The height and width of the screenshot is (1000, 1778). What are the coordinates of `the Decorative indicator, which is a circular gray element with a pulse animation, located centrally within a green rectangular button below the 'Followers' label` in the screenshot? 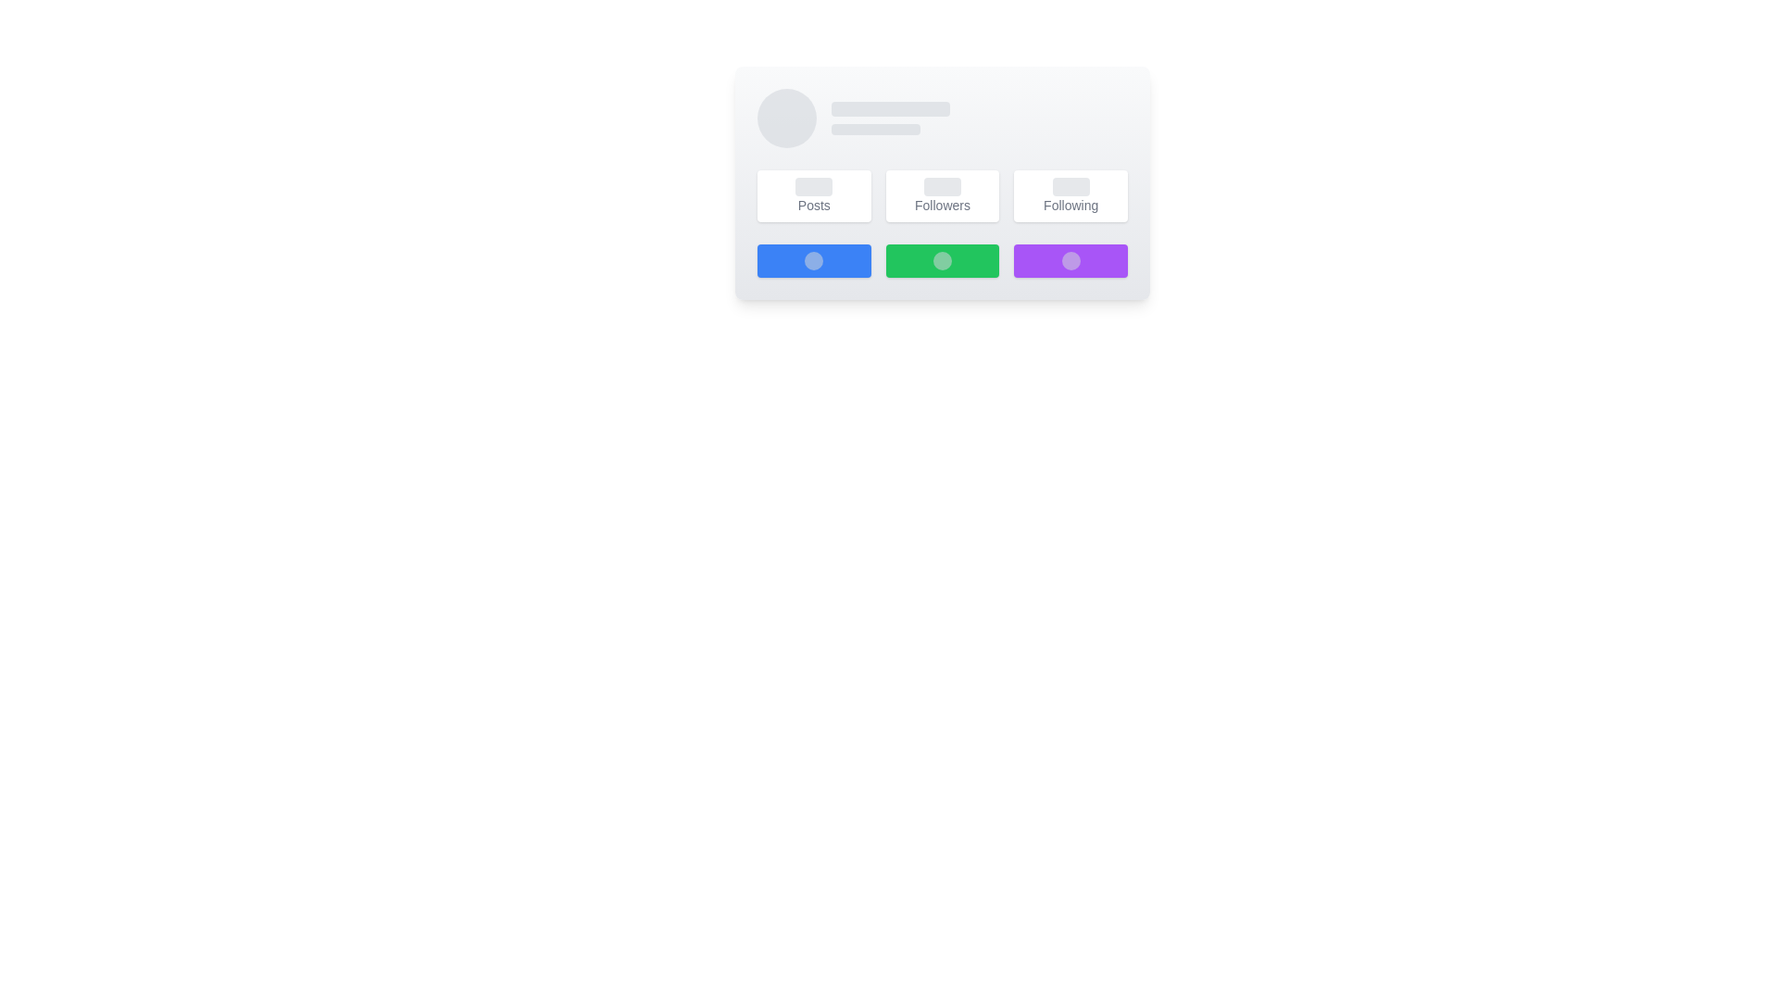 It's located at (942, 260).